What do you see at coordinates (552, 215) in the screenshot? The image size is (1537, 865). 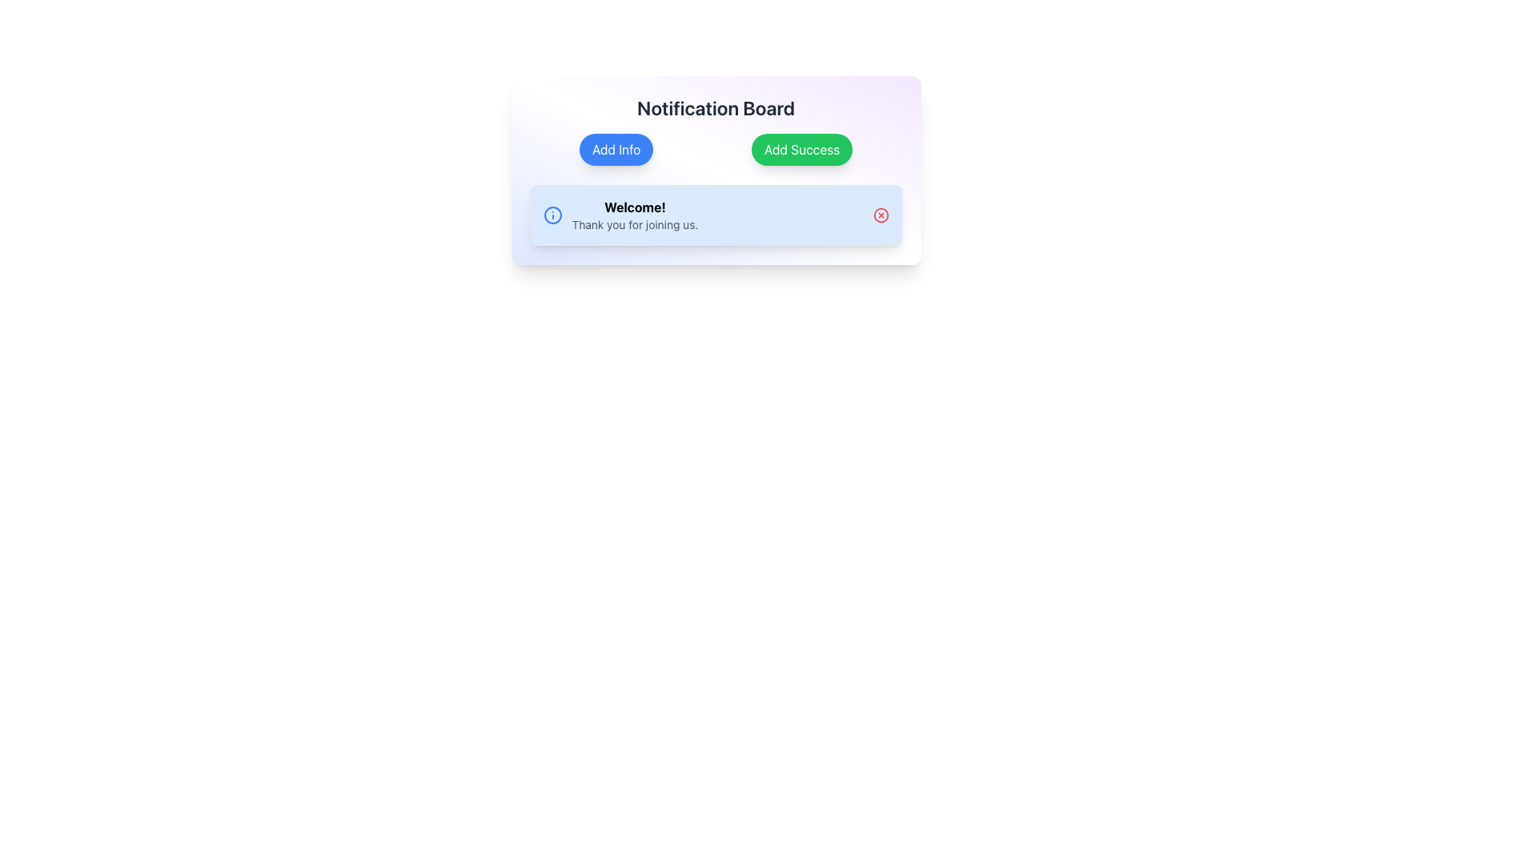 I see `the blue-outlined circular icon with a white interior located within the notification card under the 'Notification Board' header` at bounding box center [552, 215].